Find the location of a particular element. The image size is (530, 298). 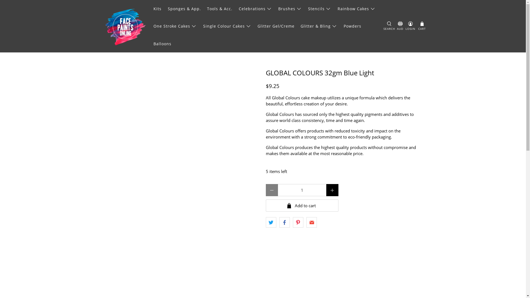

'Face Paints Online' is located at coordinates (125, 26).